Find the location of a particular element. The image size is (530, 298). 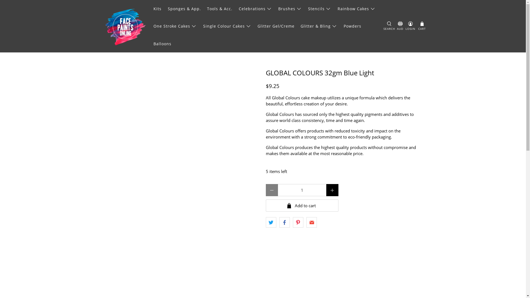

'Face Paints Online' is located at coordinates (125, 26).